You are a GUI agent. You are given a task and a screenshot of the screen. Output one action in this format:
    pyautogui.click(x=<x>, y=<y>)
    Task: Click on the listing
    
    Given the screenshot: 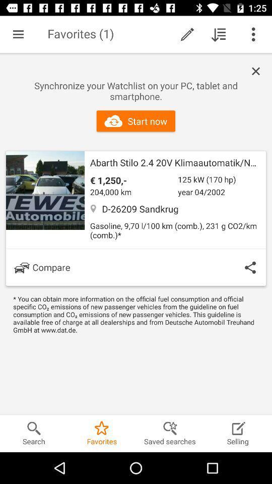 What is the action you would take?
    pyautogui.click(x=258, y=71)
    